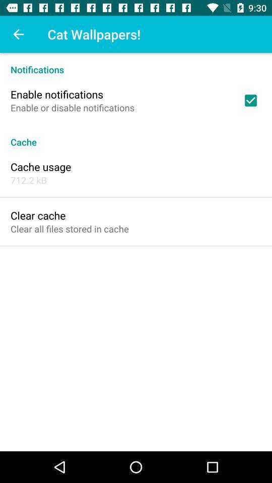 The image size is (272, 483). Describe the element at coordinates (40, 167) in the screenshot. I see `cache usage icon` at that location.